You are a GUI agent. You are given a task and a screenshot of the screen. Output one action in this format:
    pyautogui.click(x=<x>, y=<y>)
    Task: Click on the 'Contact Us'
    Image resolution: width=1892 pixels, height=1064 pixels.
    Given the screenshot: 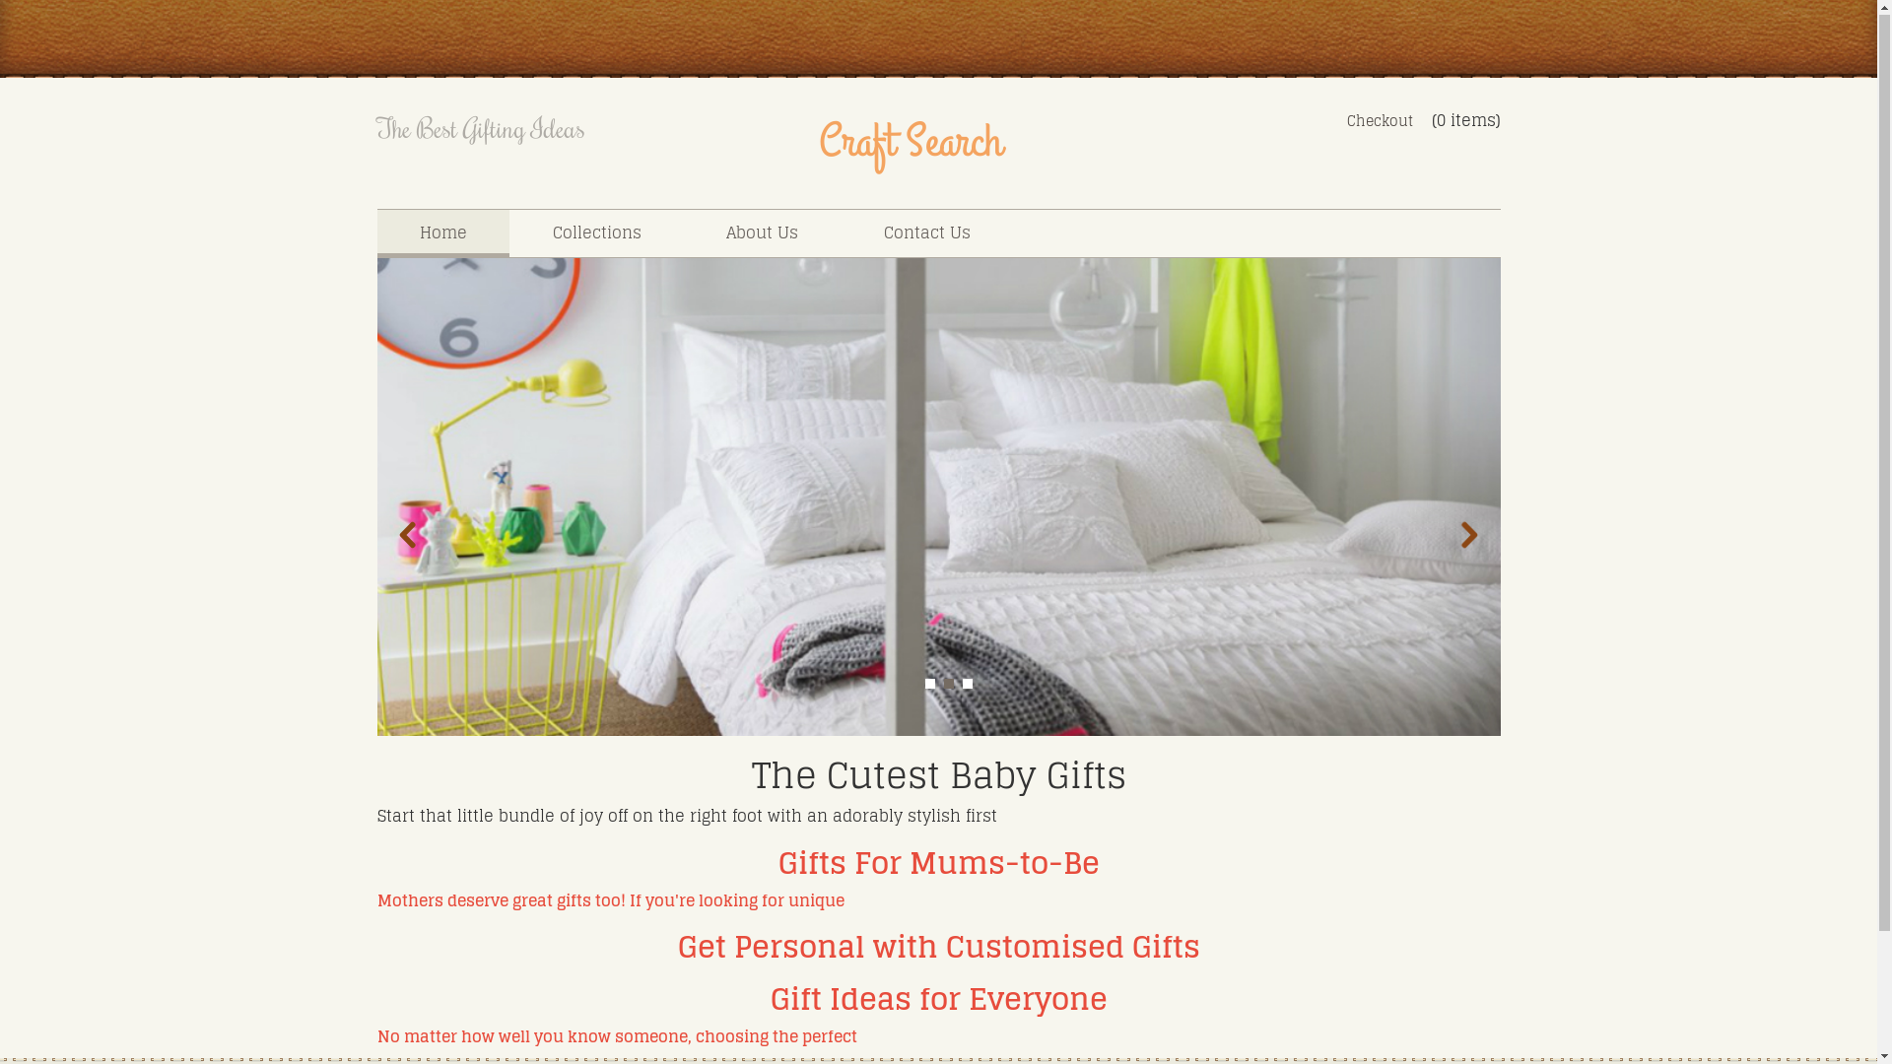 What is the action you would take?
    pyautogui.click(x=842, y=233)
    